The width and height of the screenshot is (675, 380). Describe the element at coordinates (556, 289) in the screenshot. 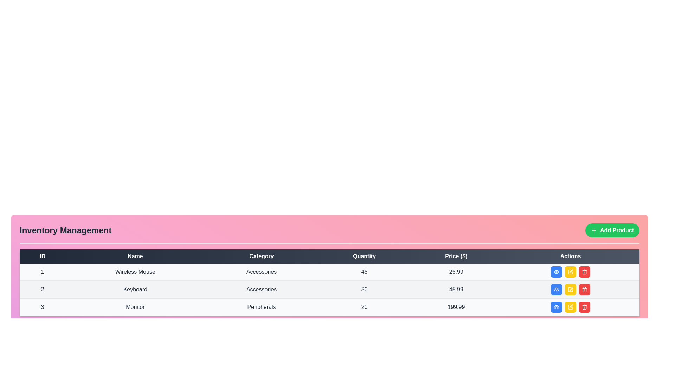

I see `the first button with an icon in the 'Actions' column of the second row in the 'Inventory Management' section` at that location.